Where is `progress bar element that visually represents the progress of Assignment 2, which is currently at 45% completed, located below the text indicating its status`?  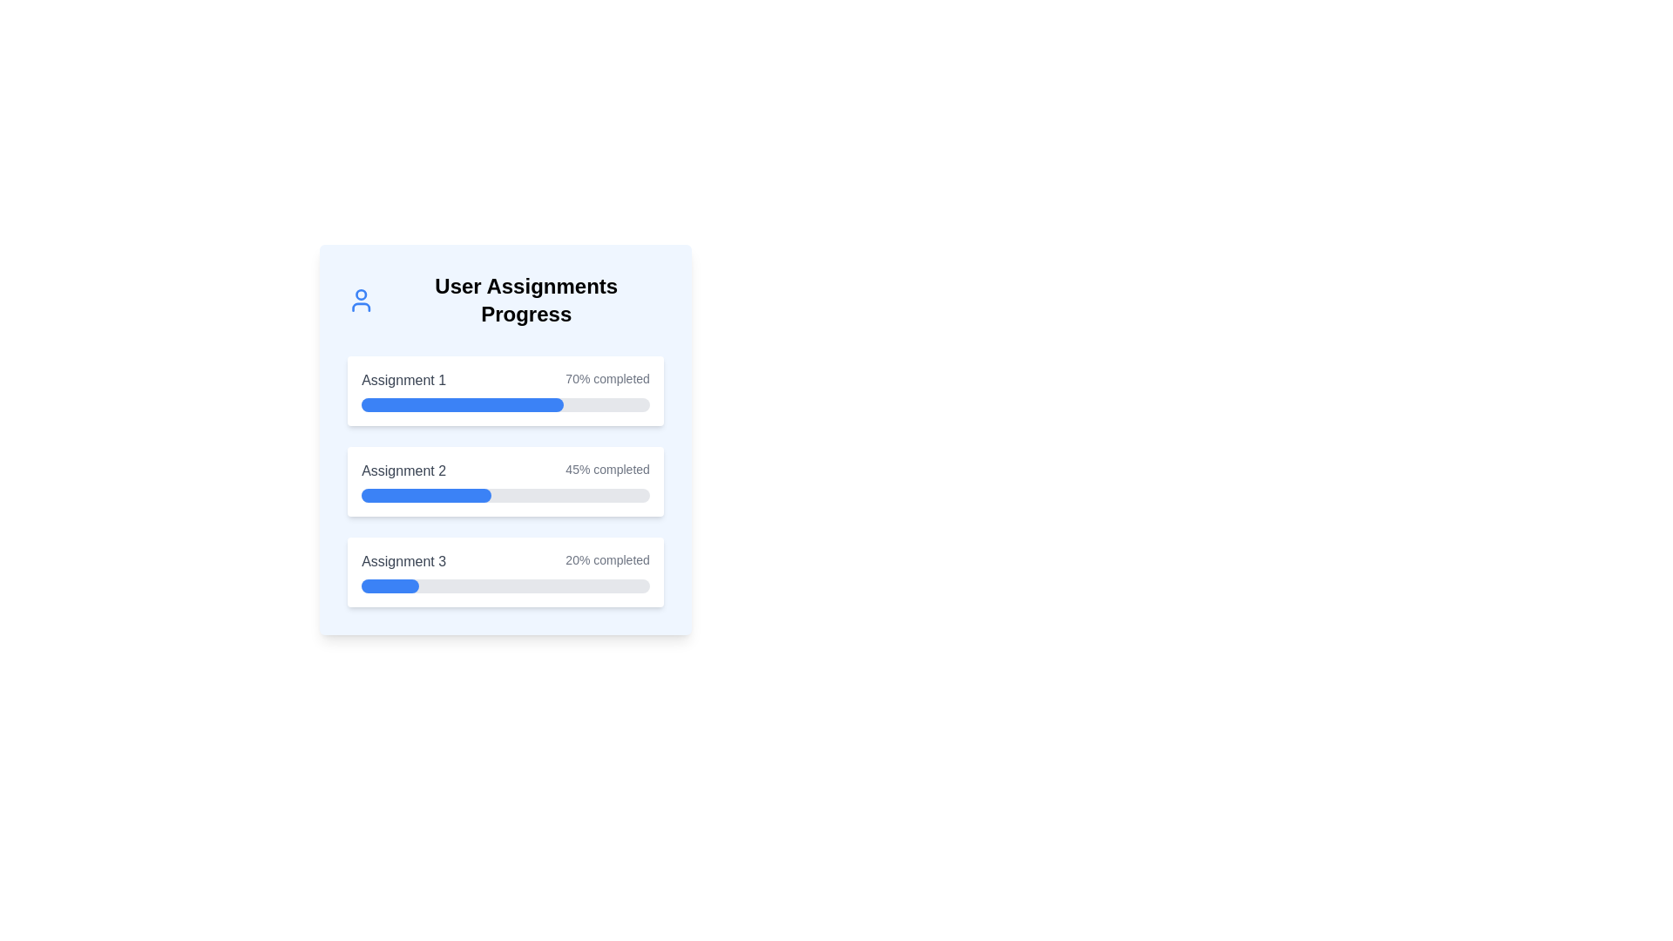 progress bar element that visually represents the progress of Assignment 2, which is currently at 45% completed, located below the text indicating its status is located at coordinates (505, 496).